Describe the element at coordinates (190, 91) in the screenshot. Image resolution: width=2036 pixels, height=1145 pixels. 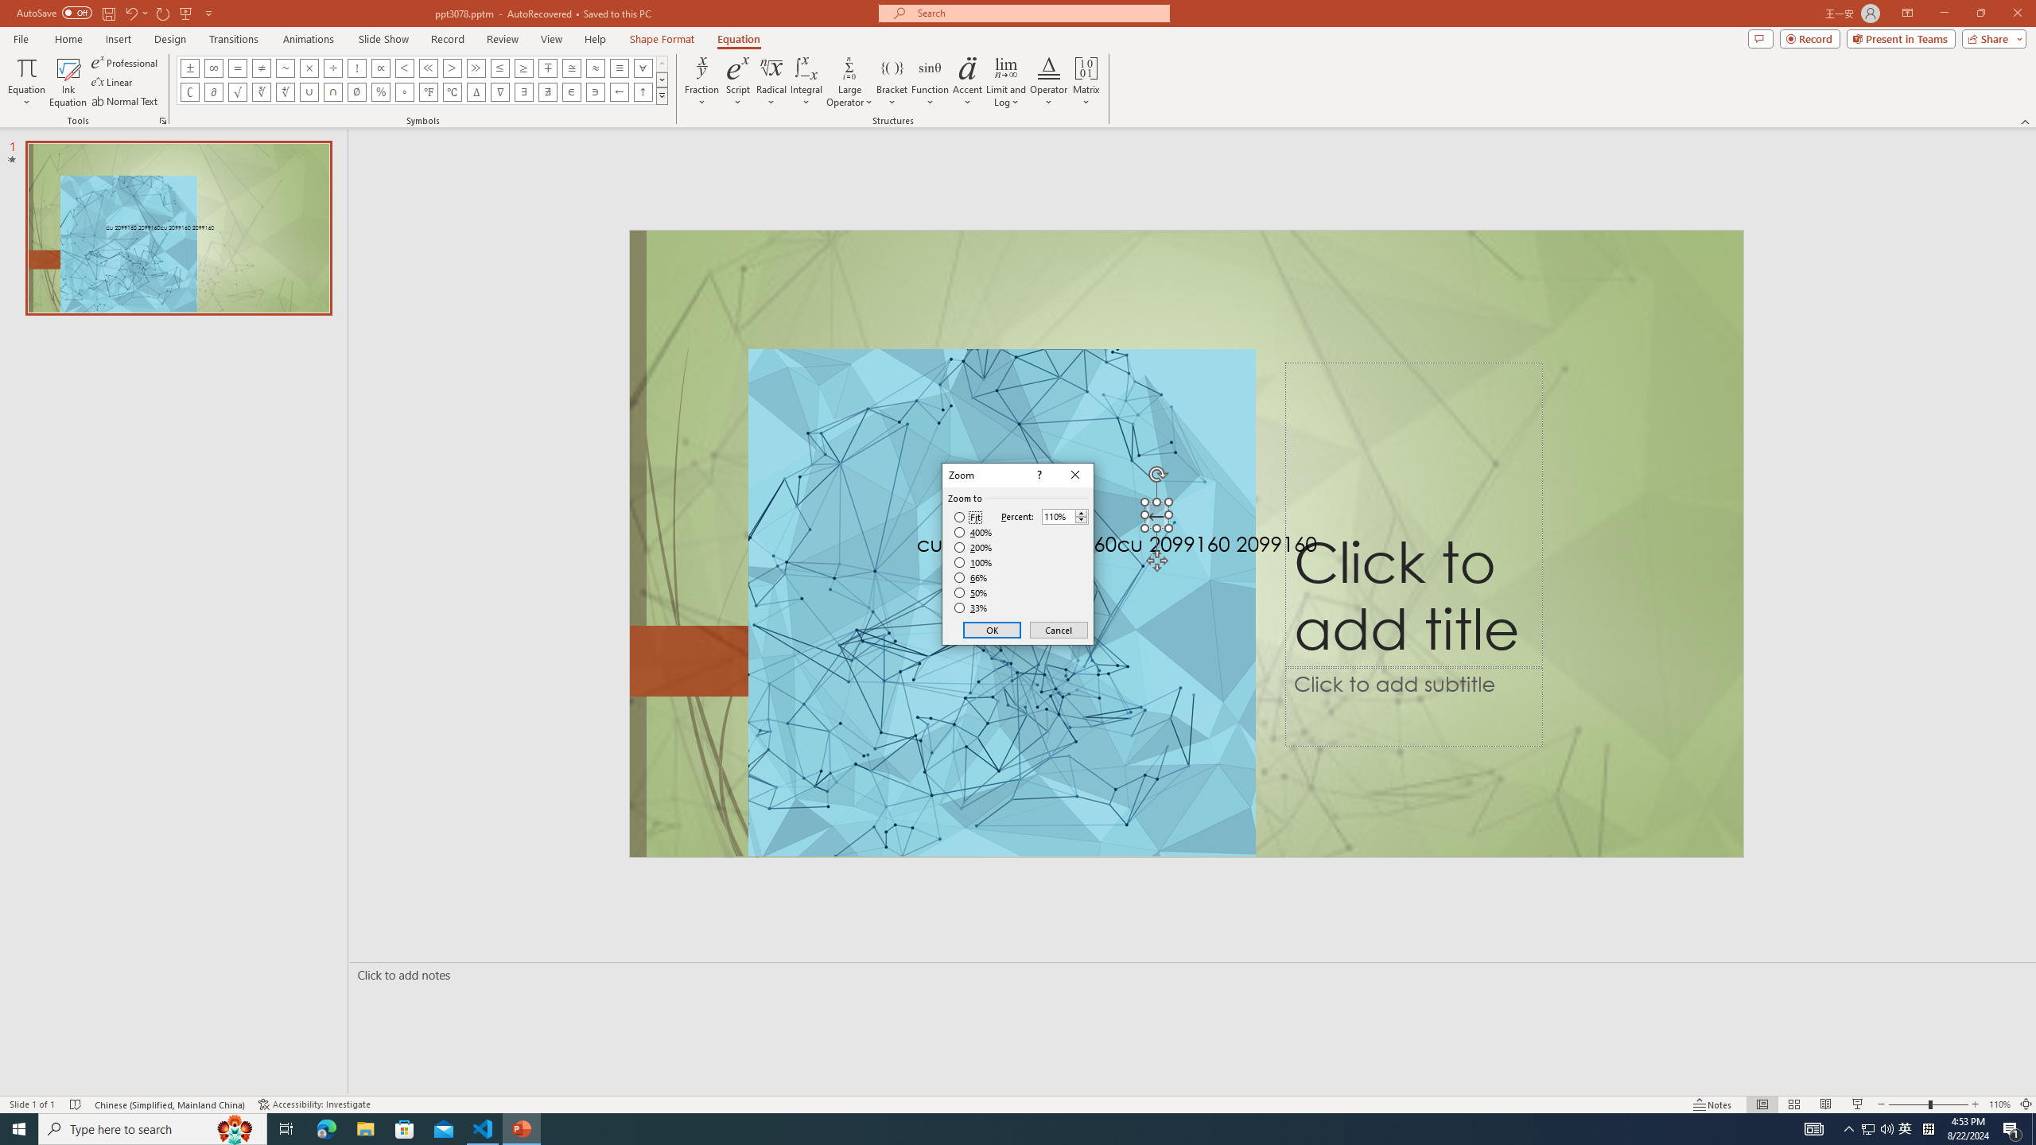
I see `'Equation Symbol Complement'` at that location.